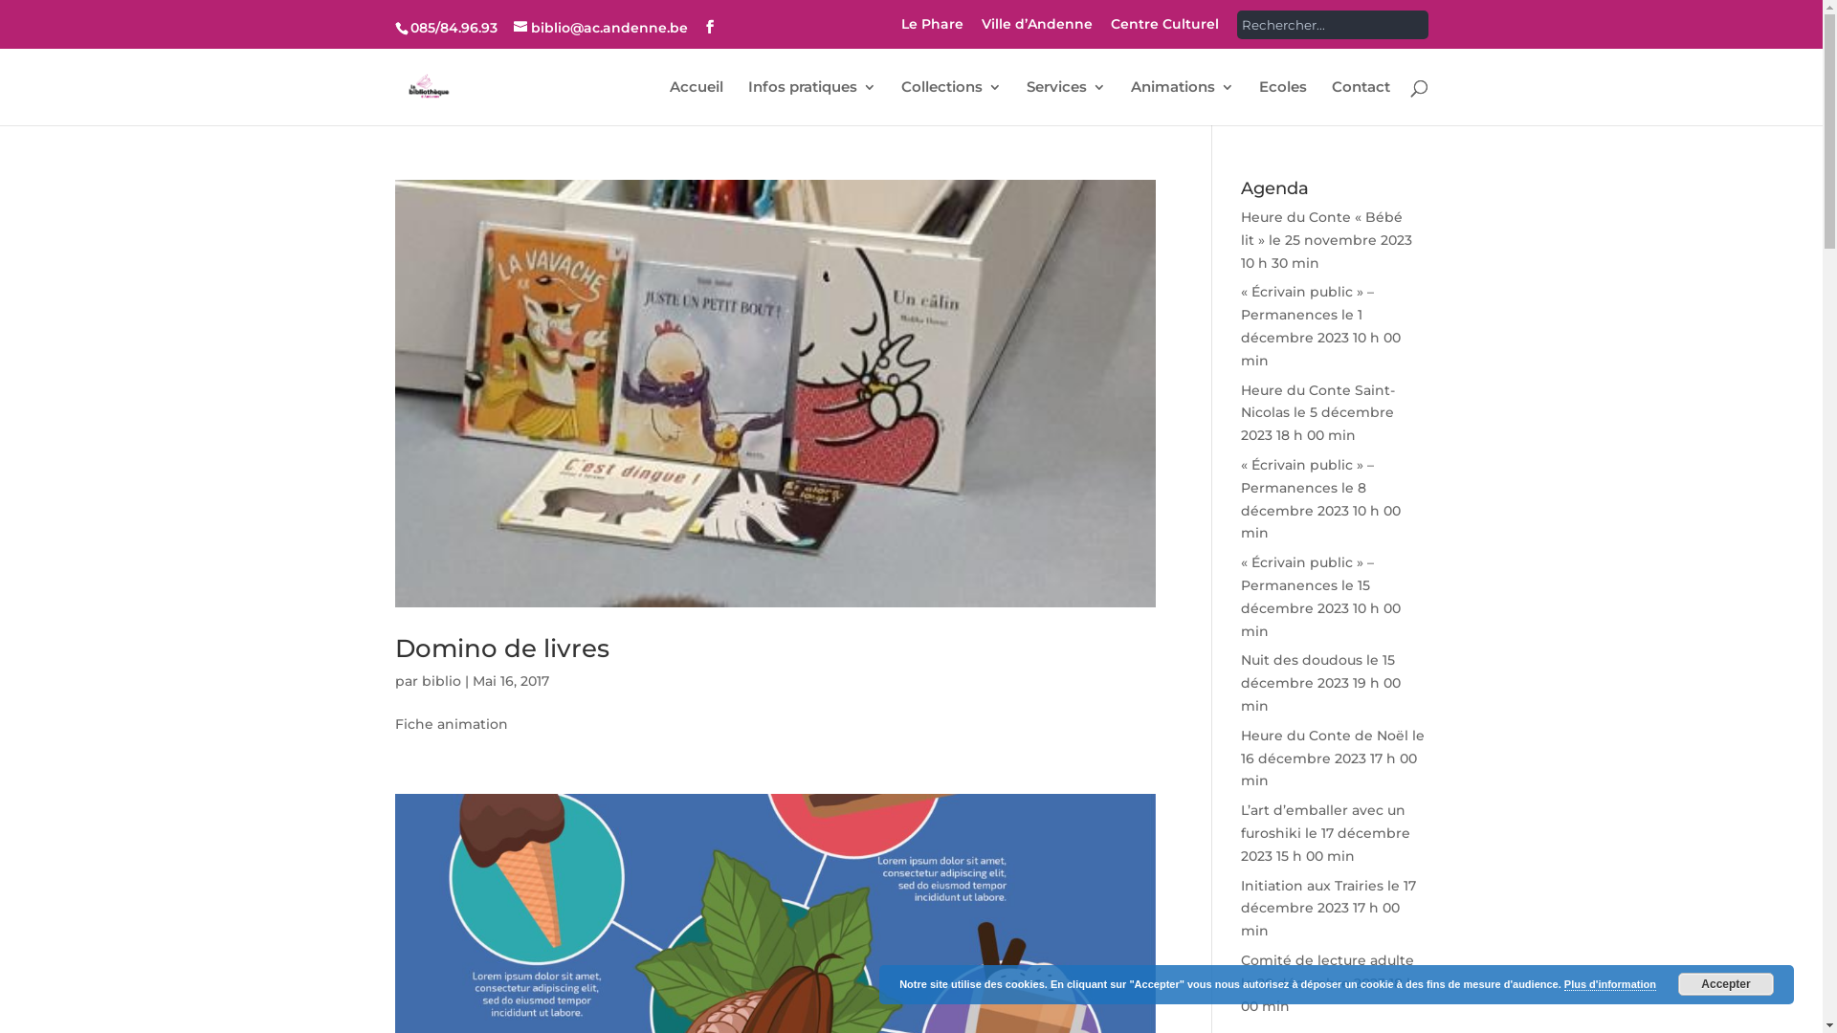 The width and height of the screenshot is (1837, 1033). What do you see at coordinates (1609, 984) in the screenshot?
I see `'Plus d'information'` at bounding box center [1609, 984].